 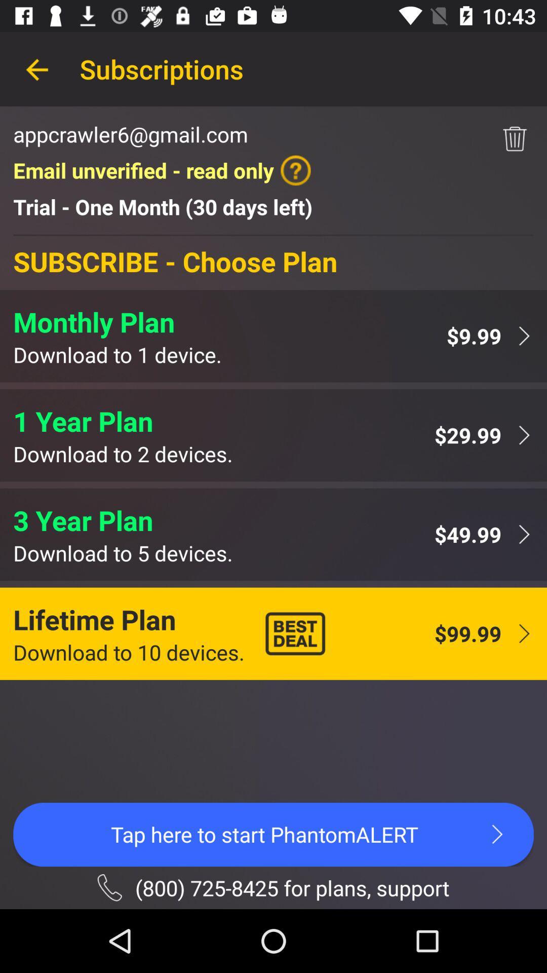 What do you see at coordinates (515, 138) in the screenshot?
I see `item at the top right corner` at bounding box center [515, 138].